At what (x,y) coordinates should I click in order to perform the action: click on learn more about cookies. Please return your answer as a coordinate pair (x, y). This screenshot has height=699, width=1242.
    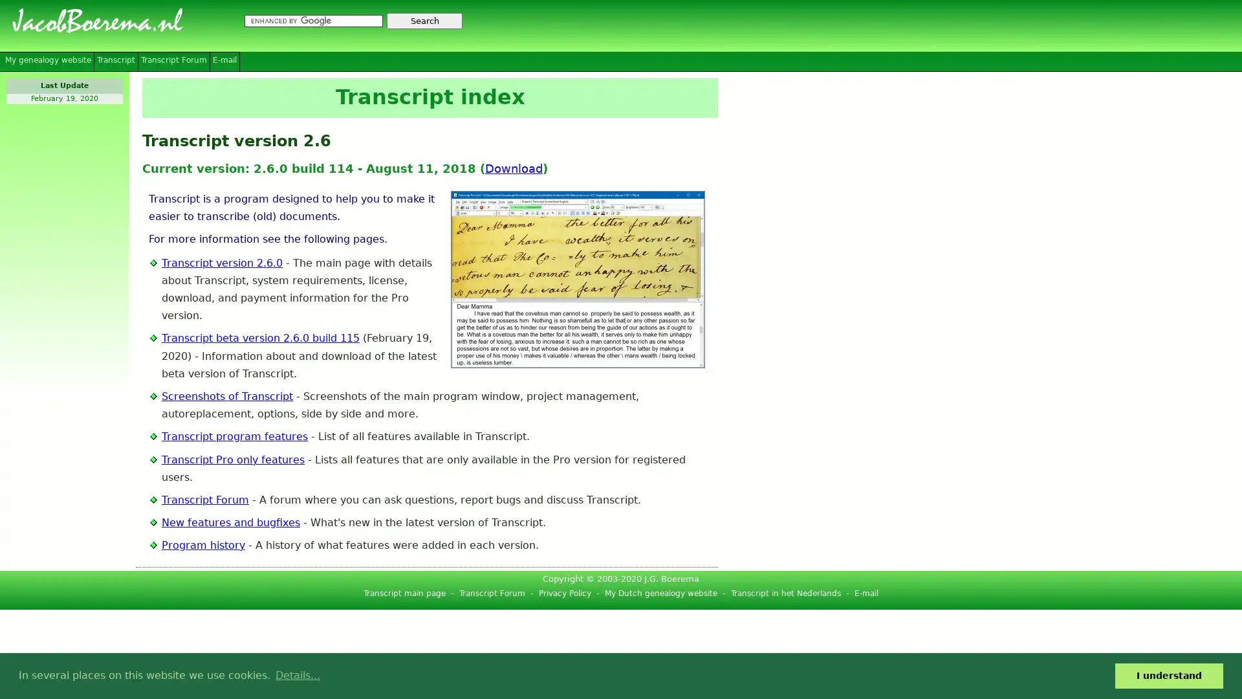
    Looking at the image, I should click on (297, 675).